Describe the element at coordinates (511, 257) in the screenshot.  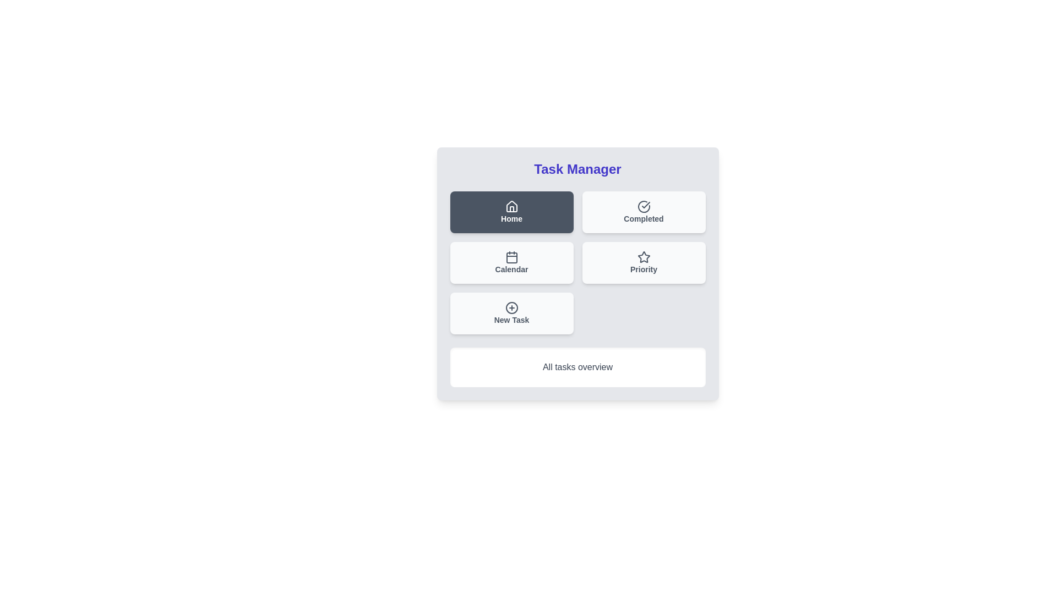
I see `the calendar icon, which is a gray square outline with a top bar and two vertical bars, centrally located within the 'Calendar' button in the second row and first column of the grid below the 'Task Manager' header` at that location.